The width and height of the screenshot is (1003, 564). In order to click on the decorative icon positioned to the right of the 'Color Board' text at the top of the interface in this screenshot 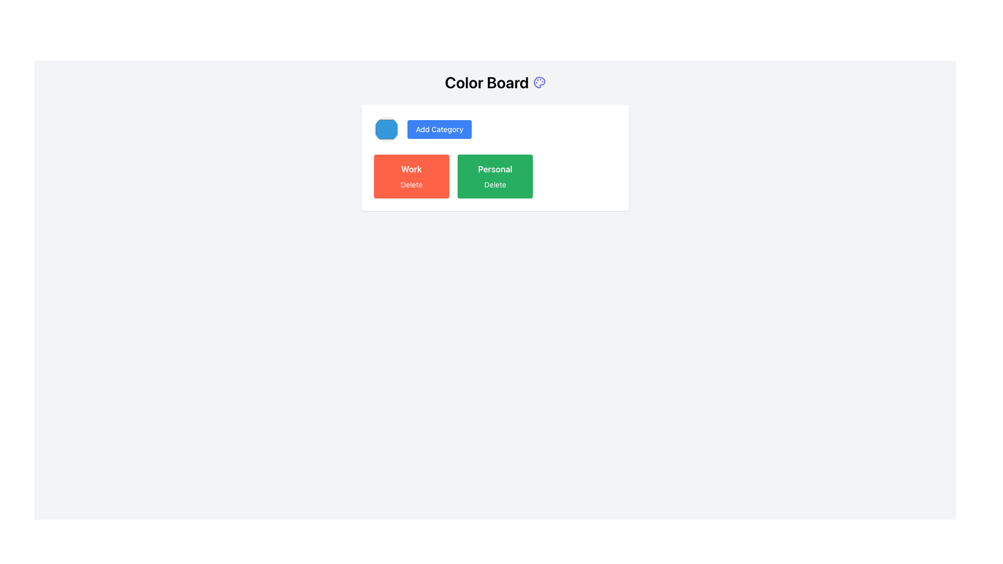, I will do `click(539, 82)`.